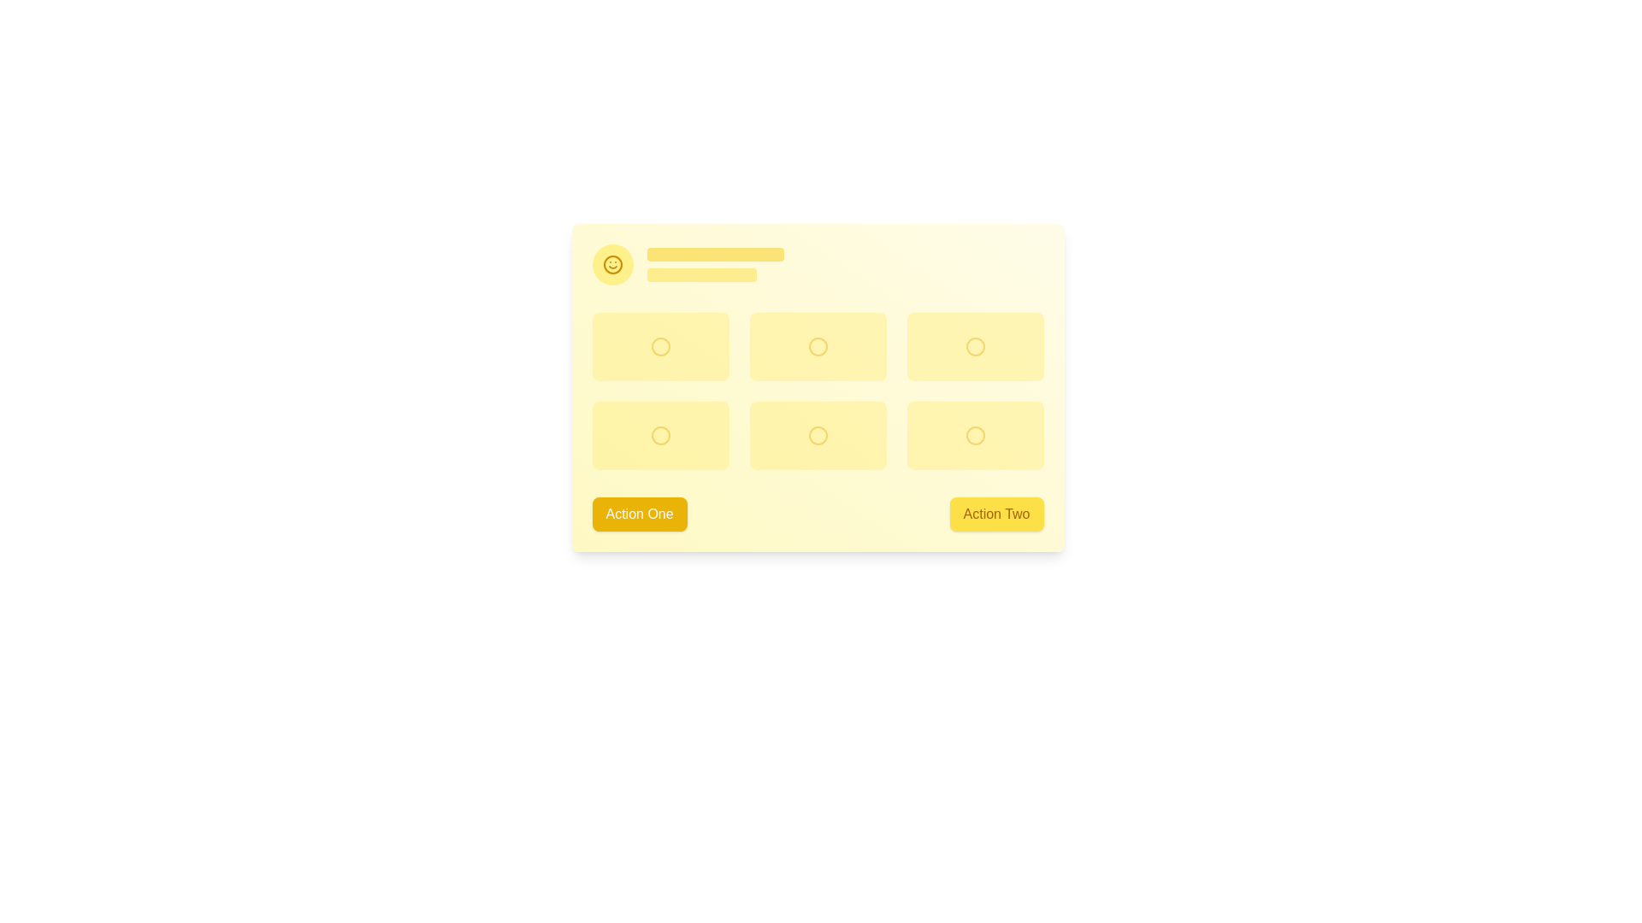 This screenshot has height=923, width=1642. Describe the element at coordinates (817, 434) in the screenshot. I see `the circular icon with a yellow outline and transparent center, located in the second row and second column of a 3x2 grid layout inside a yellow card` at that location.